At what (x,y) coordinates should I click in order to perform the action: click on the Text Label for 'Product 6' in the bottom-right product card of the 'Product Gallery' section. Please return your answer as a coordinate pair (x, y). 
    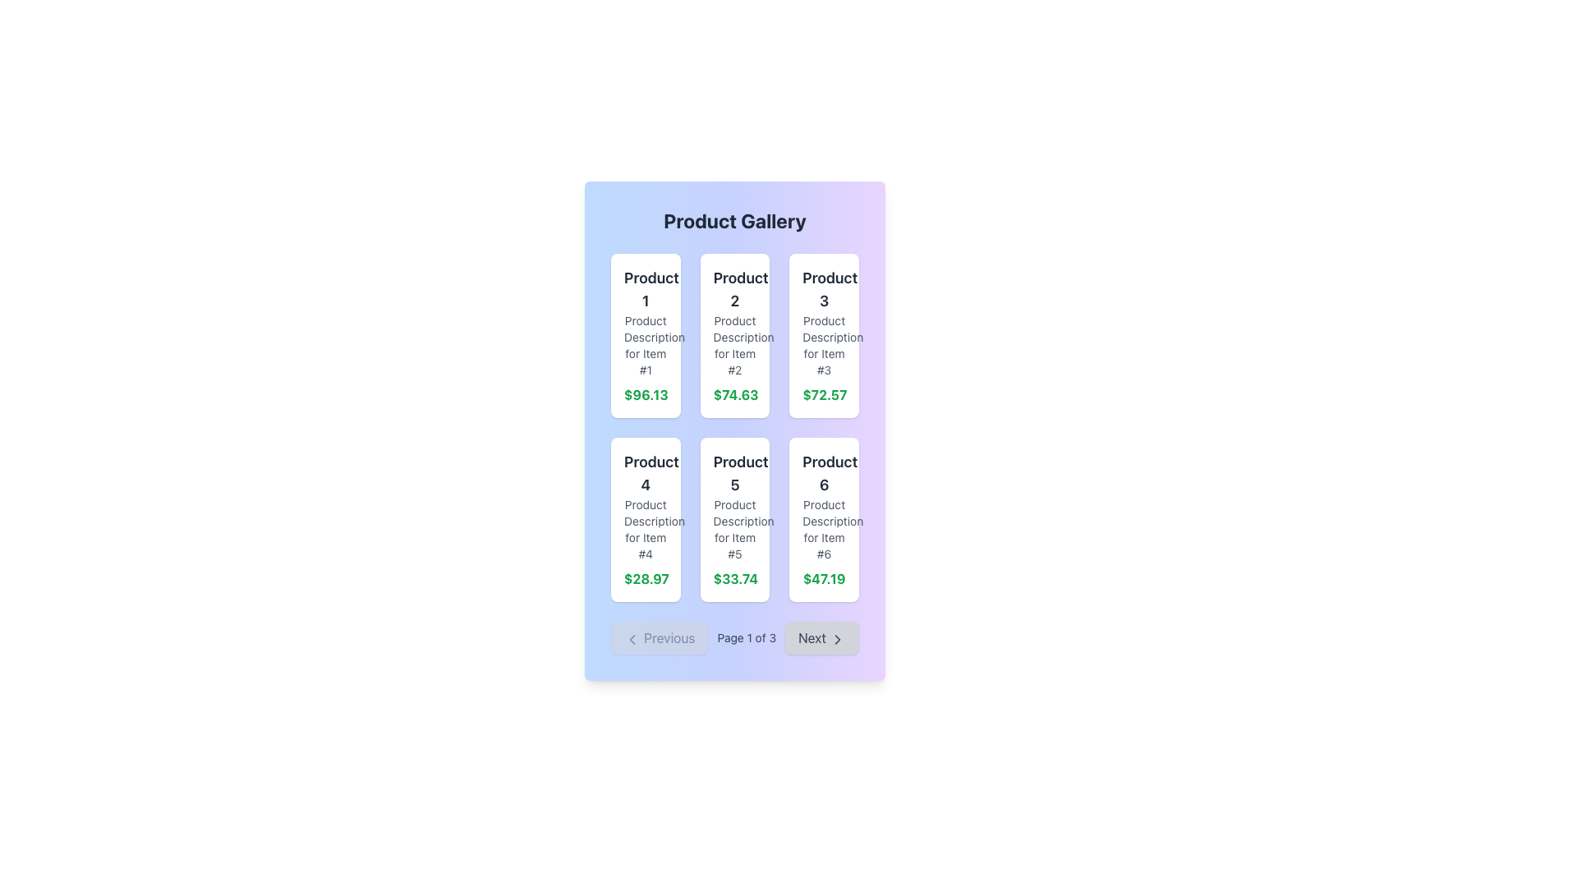
    Looking at the image, I should click on (824, 474).